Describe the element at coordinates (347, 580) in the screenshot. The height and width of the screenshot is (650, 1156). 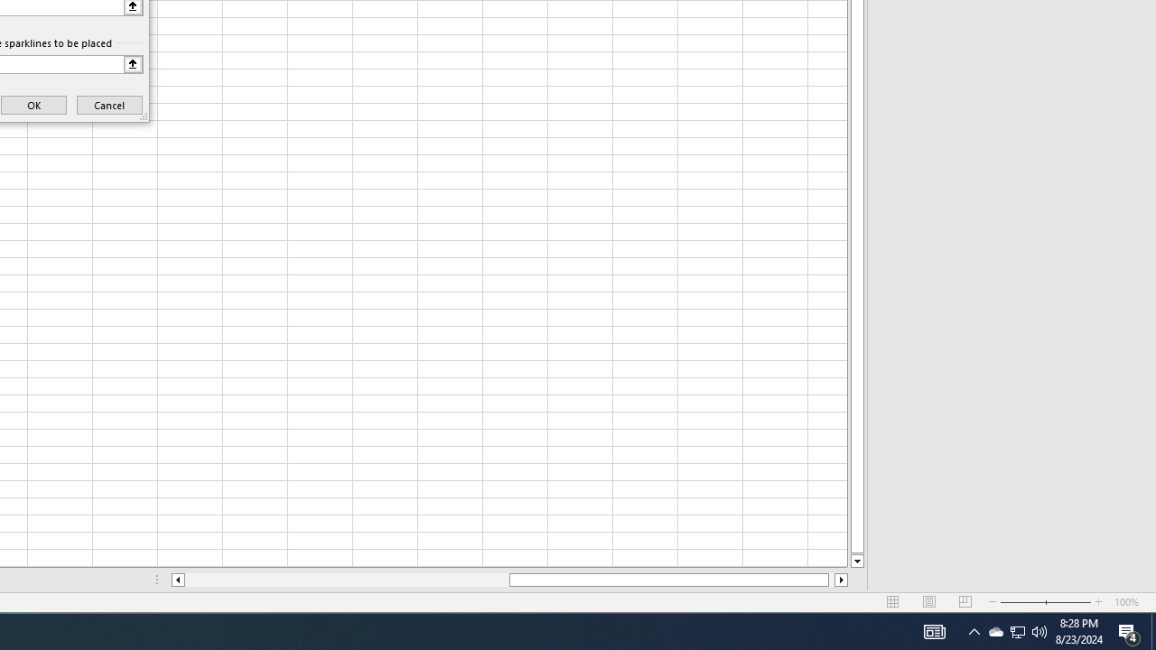
I see `'Page left'` at that location.